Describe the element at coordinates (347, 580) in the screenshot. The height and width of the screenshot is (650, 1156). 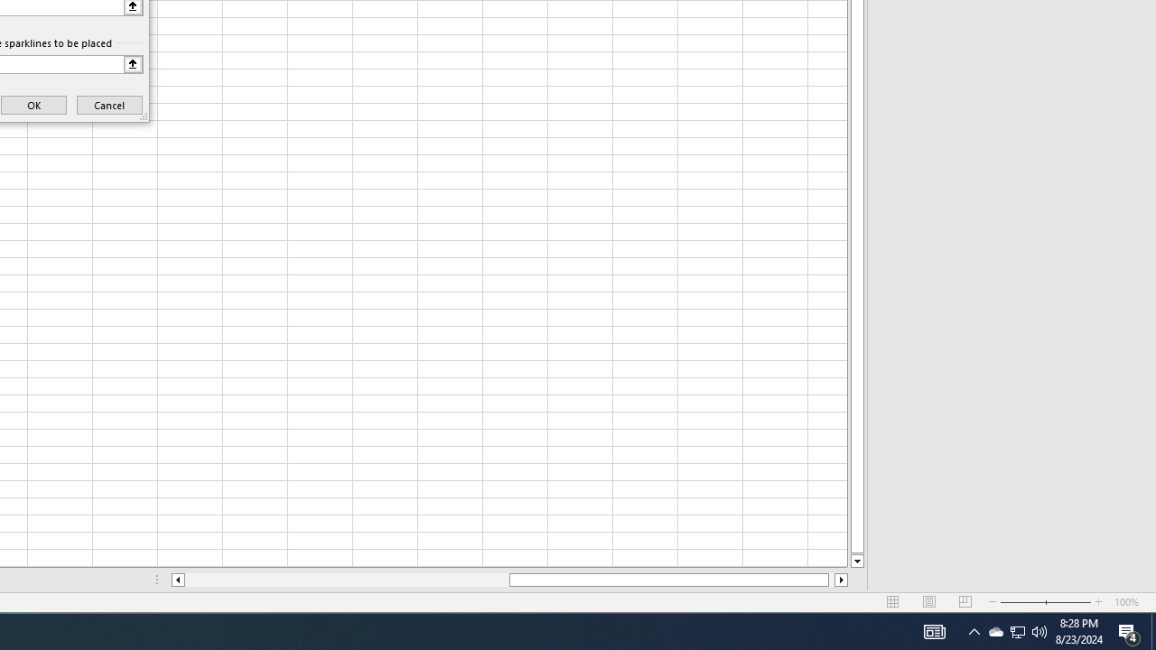
I see `'Page left'` at that location.